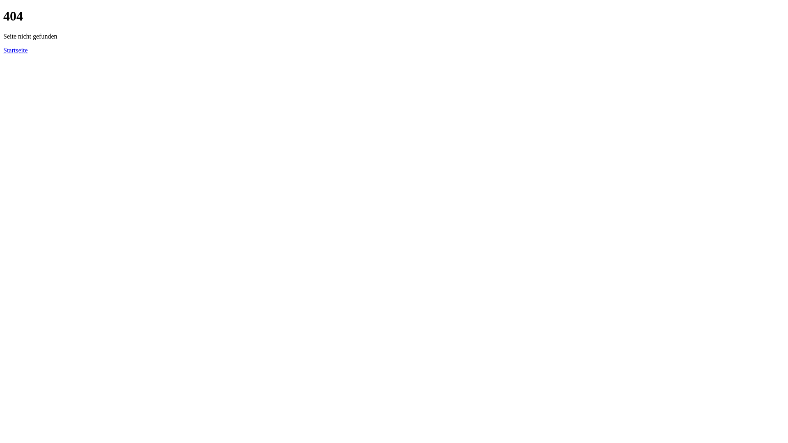  I want to click on 'Startseite', so click(3, 50).